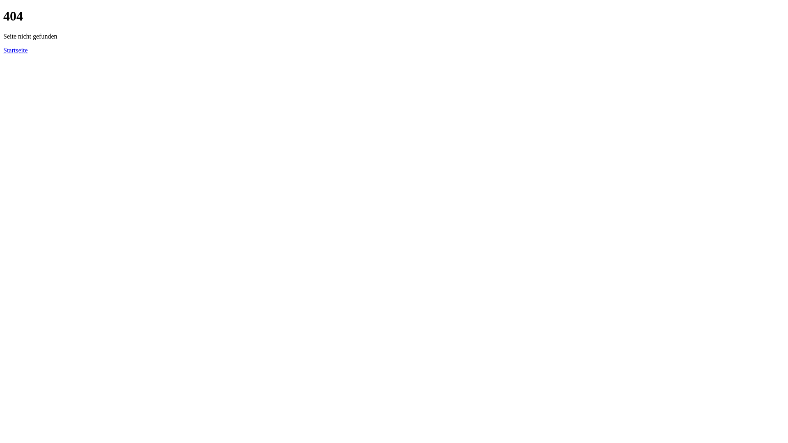  I want to click on 'Startseite', so click(3, 50).